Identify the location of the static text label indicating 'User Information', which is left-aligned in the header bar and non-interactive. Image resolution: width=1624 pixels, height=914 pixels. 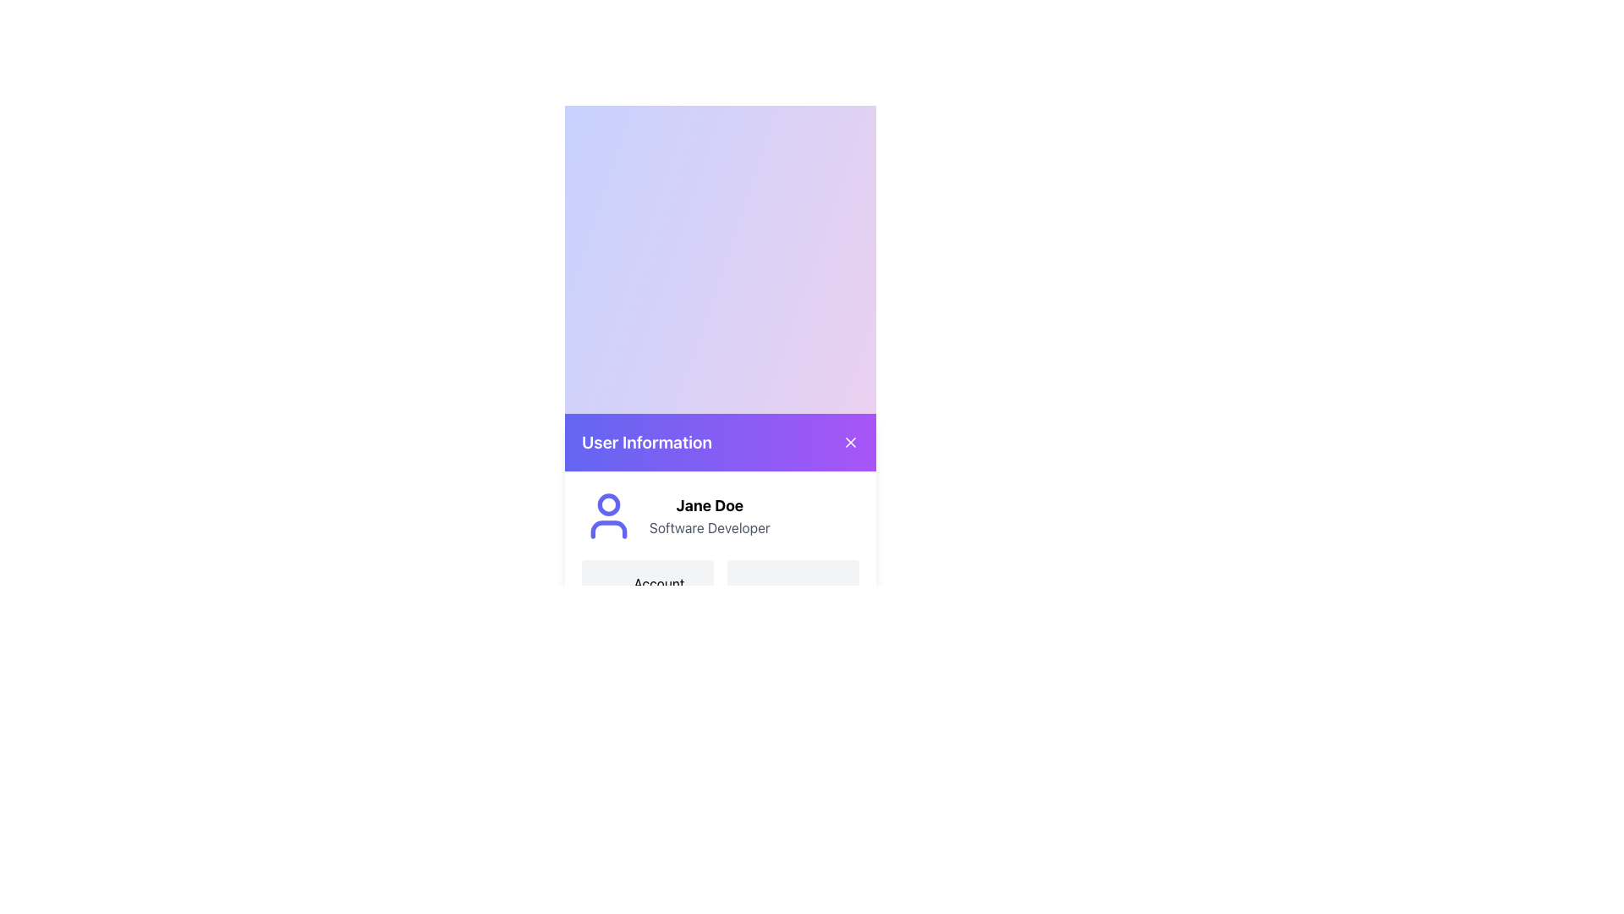
(645, 441).